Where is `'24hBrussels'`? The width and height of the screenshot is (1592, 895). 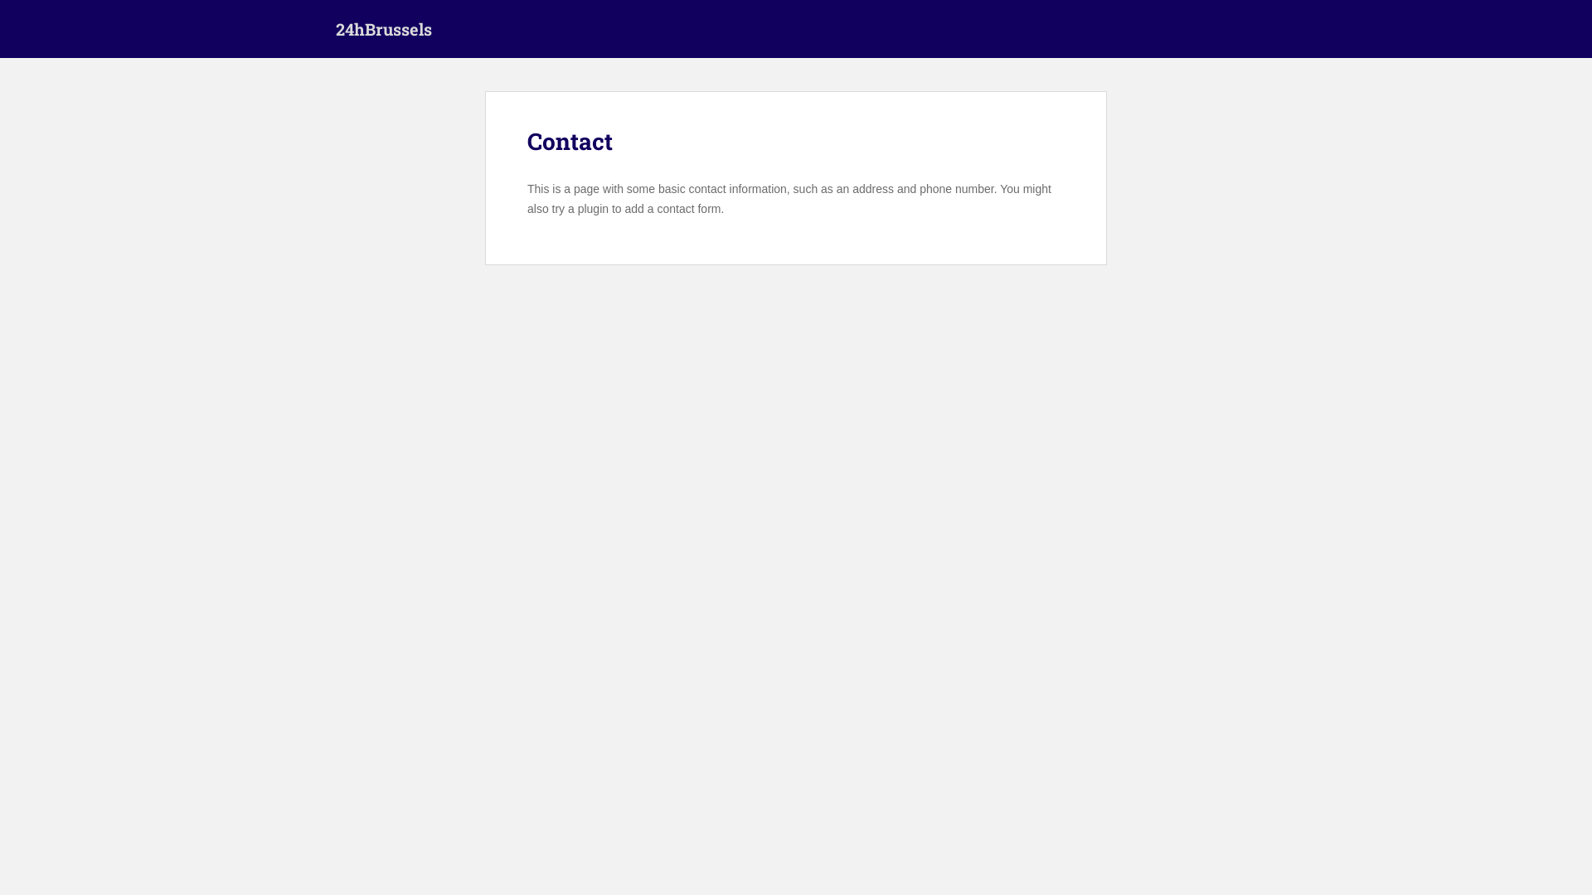 '24hBrussels' is located at coordinates (382, 28).